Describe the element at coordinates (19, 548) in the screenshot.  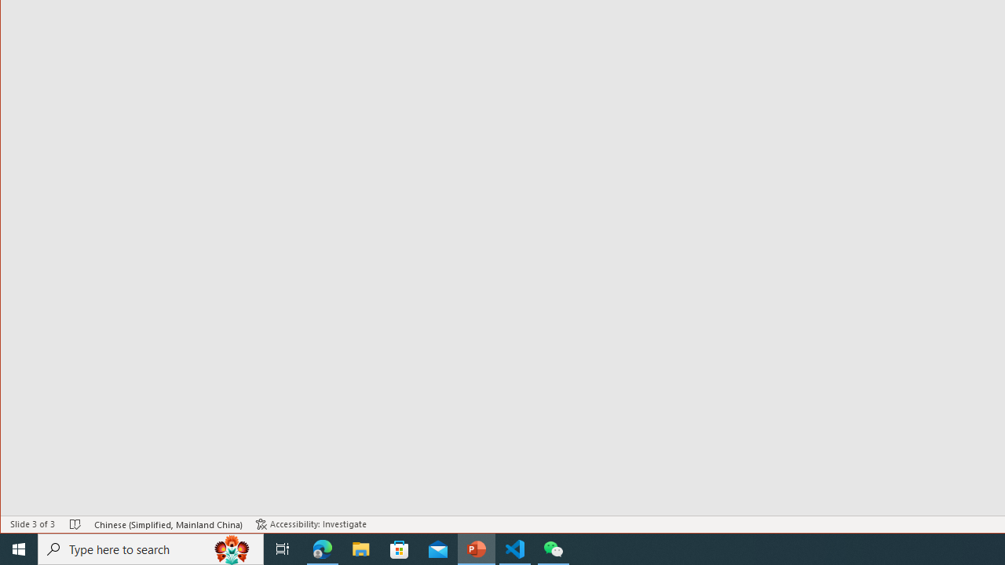
I see `'Start'` at that location.